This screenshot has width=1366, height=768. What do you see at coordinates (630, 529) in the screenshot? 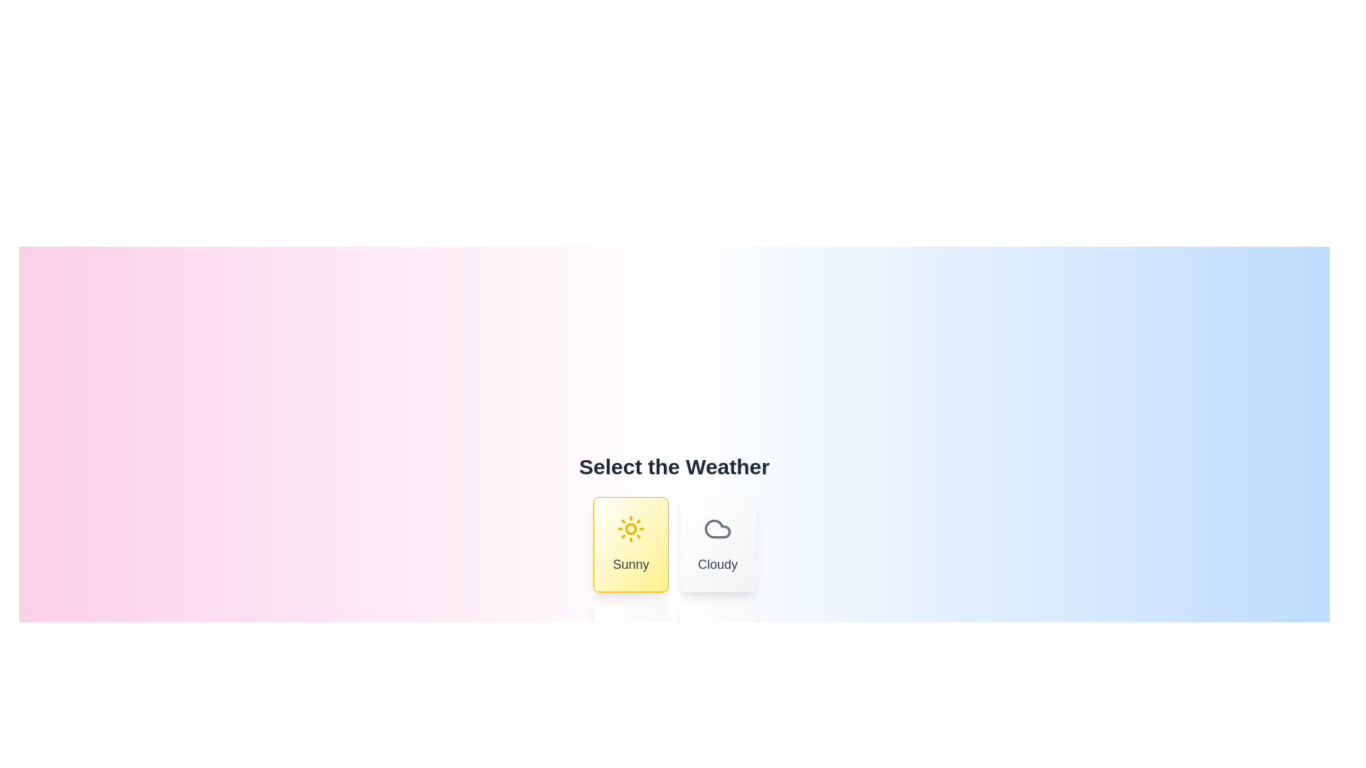
I see `the yellow sun icon, which is a weather icon for sunny conditions, located above the text label 'Sunny'` at bounding box center [630, 529].